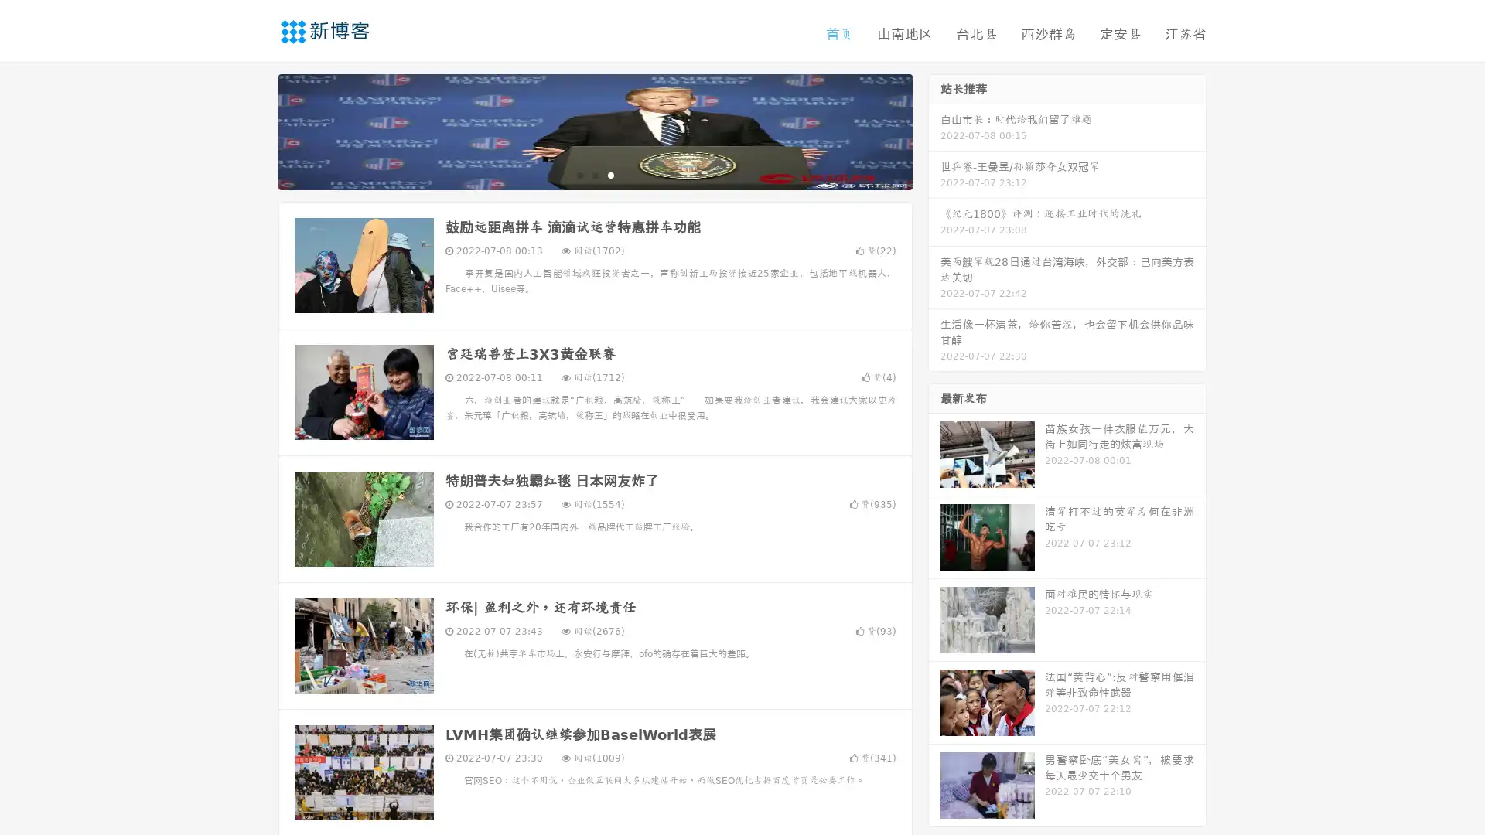 The width and height of the screenshot is (1485, 835). Describe the element at coordinates (579, 174) in the screenshot. I see `Go to slide 1` at that location.